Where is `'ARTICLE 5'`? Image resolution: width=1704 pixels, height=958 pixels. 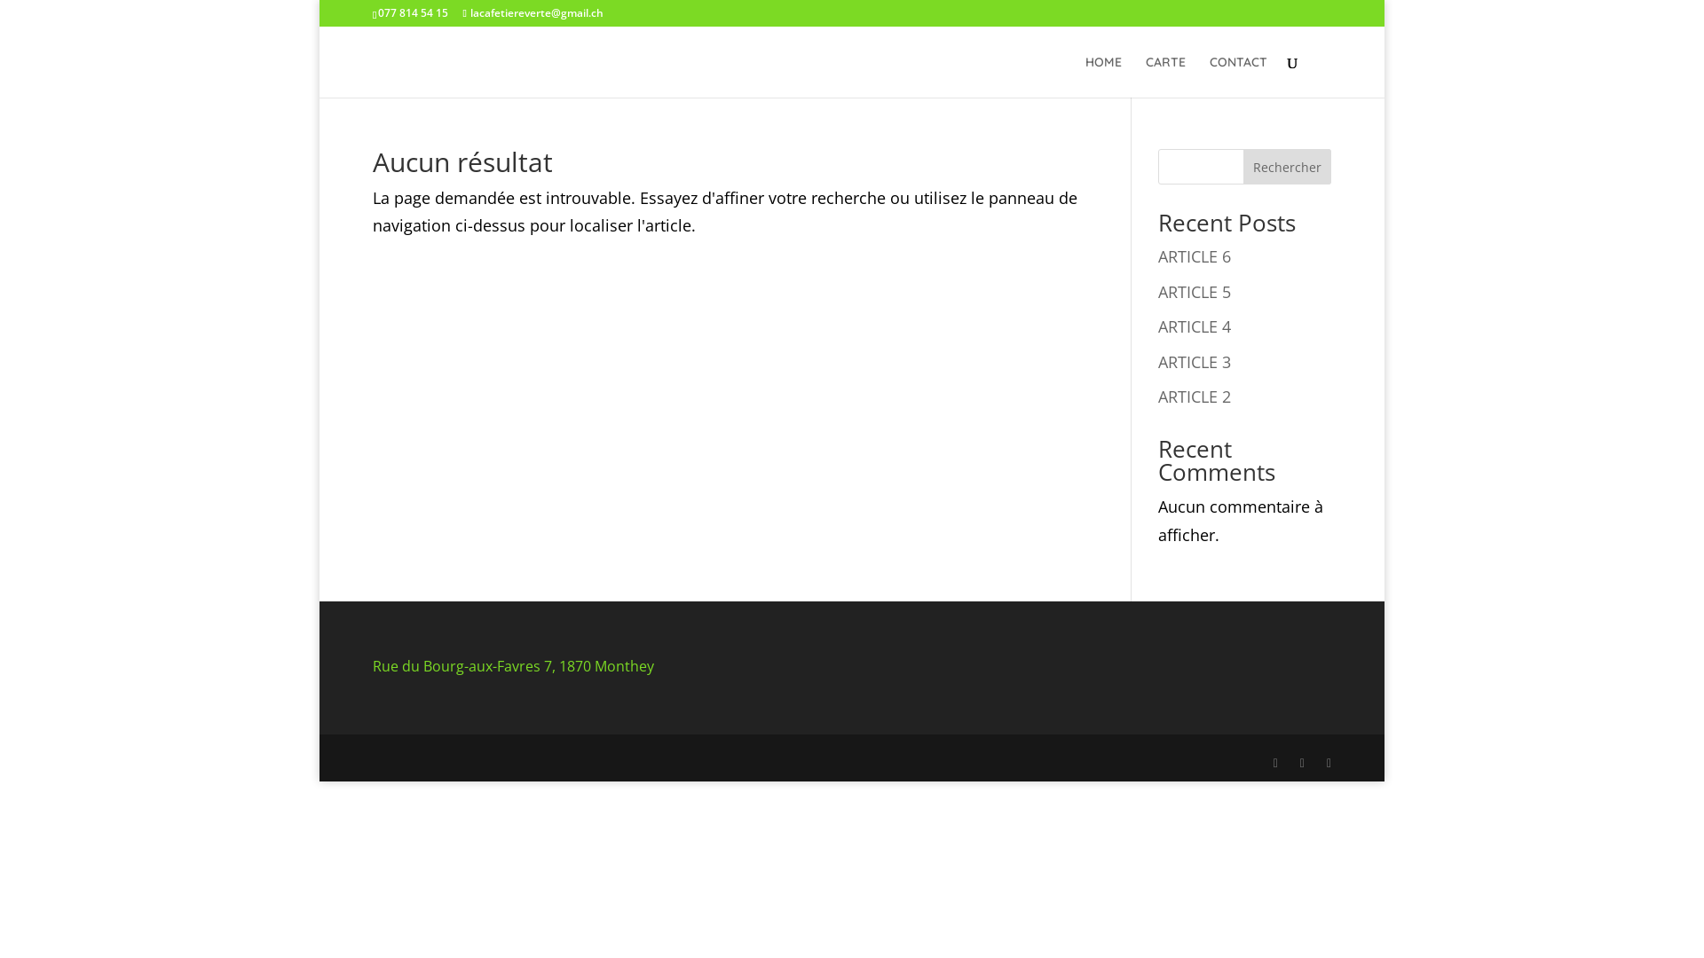
'ARTICLE 5' is located at coordinates (1194, 290).